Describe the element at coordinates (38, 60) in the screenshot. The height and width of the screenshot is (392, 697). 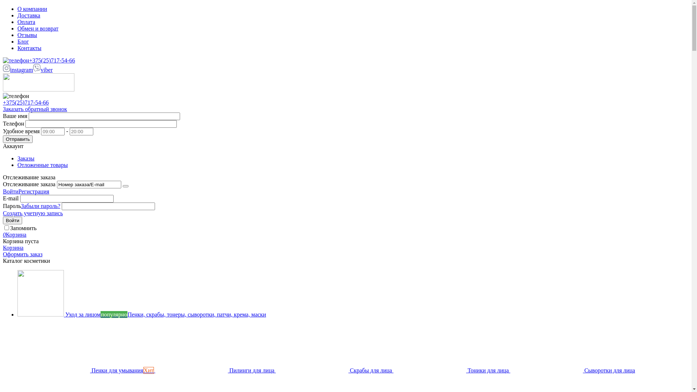
I see `'+375(25)717-54-66'` at that location.